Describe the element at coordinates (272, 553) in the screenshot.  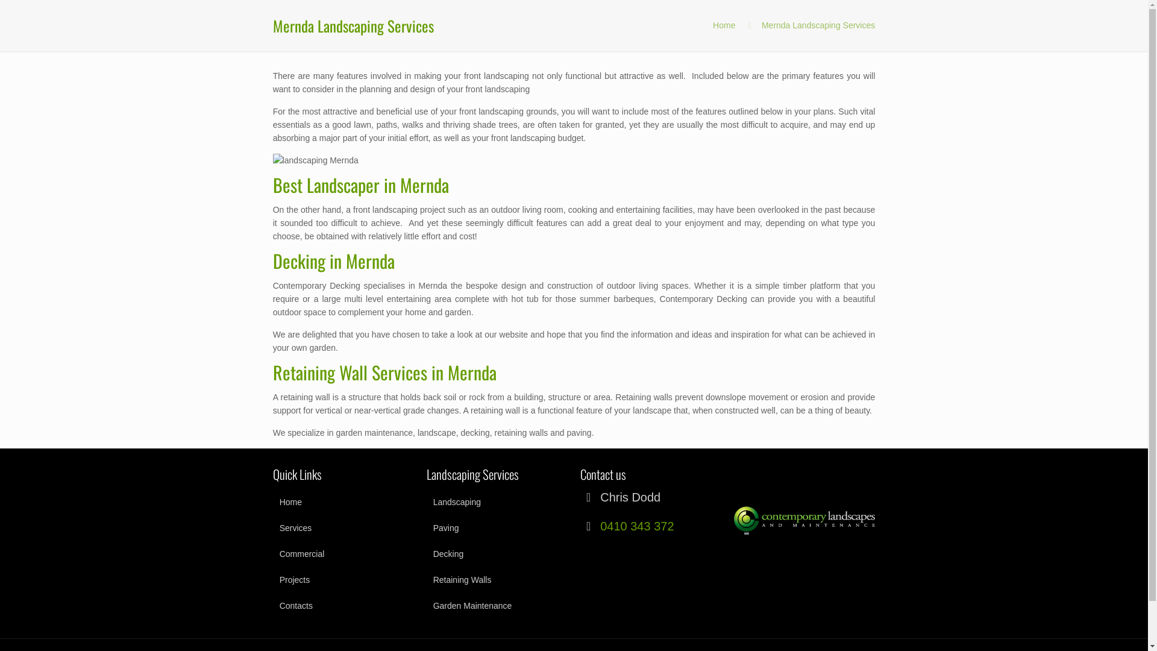
I see `'Commercial'` at that location.